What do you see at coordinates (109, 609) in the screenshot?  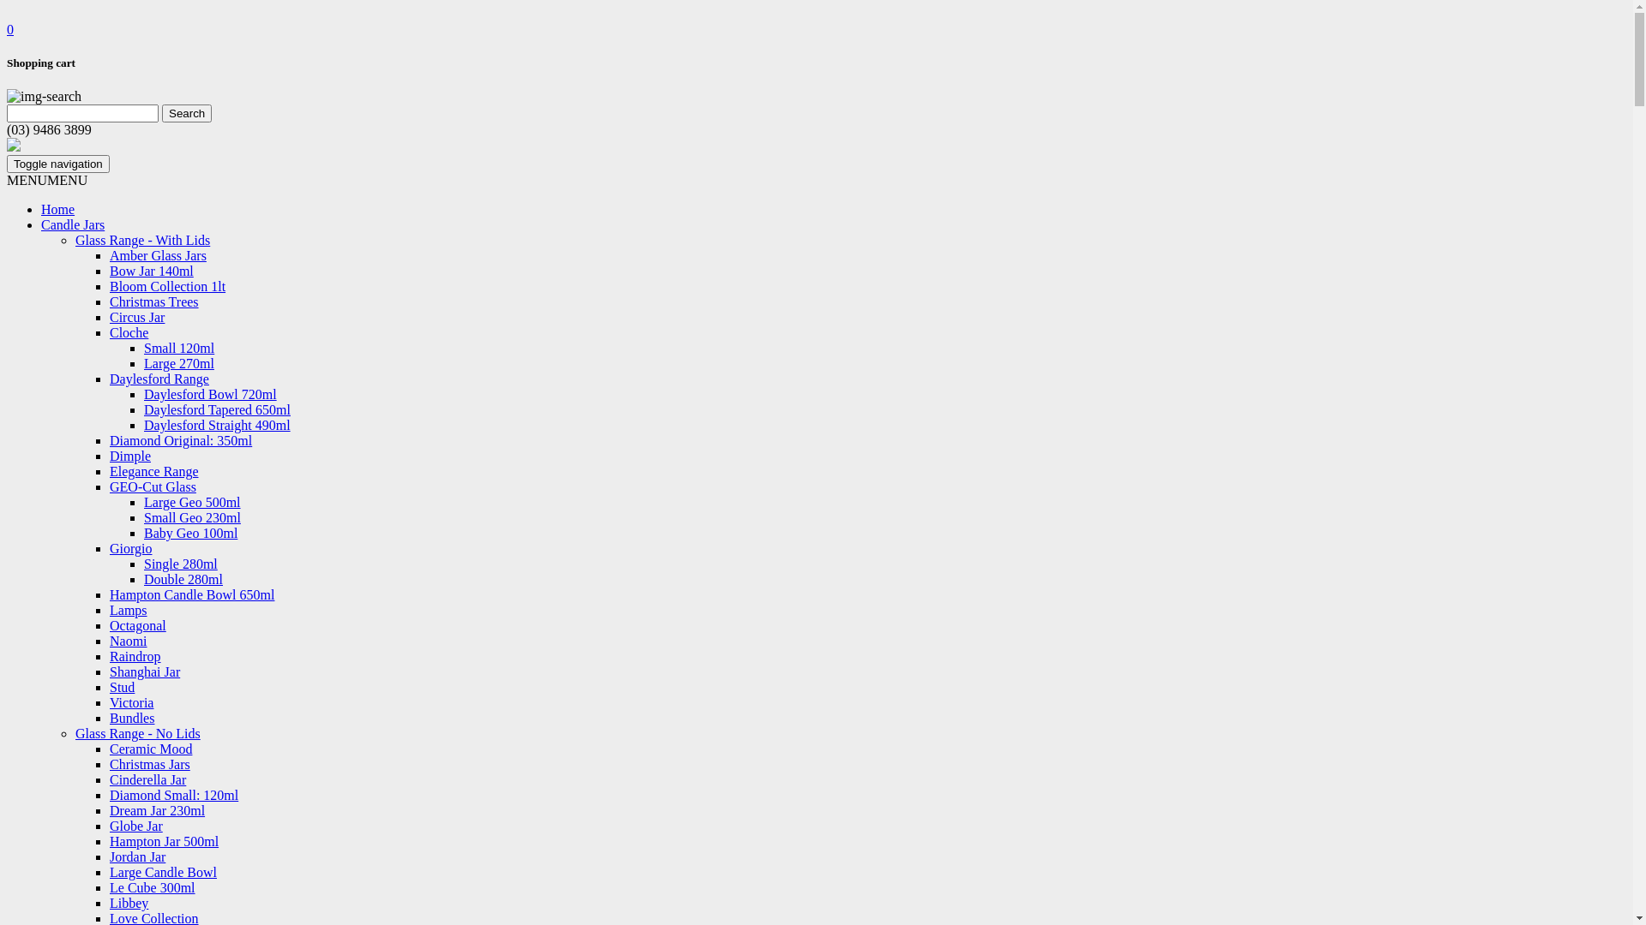 I see `'Lamps'` at bounding box center [109, 609].